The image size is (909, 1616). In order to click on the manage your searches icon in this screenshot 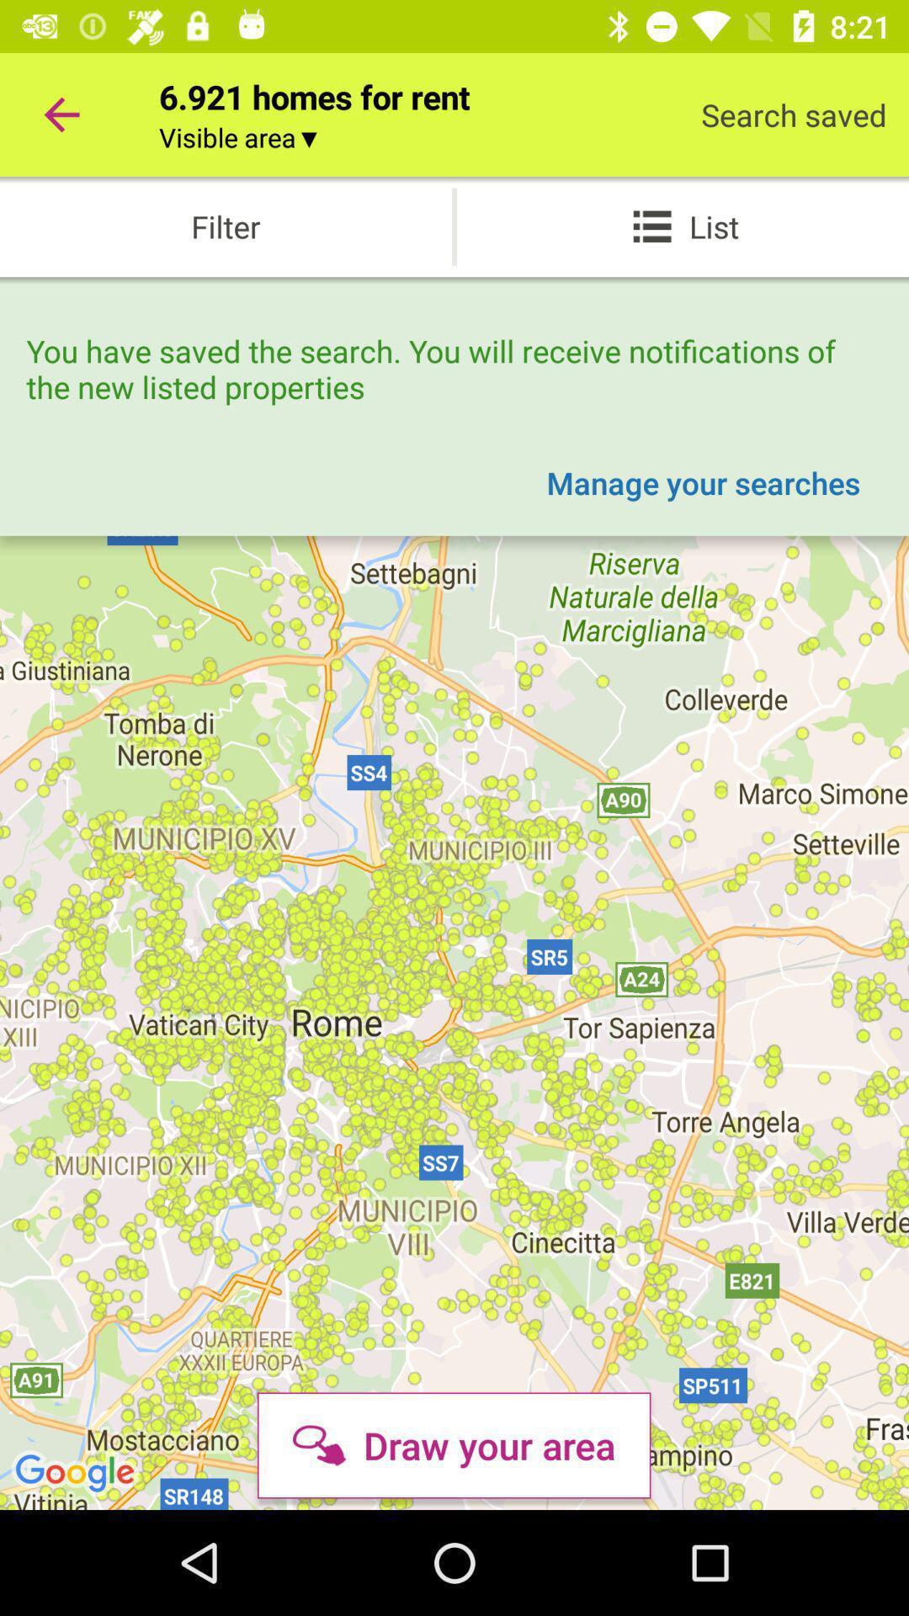, I will do `click(703, 481)`.